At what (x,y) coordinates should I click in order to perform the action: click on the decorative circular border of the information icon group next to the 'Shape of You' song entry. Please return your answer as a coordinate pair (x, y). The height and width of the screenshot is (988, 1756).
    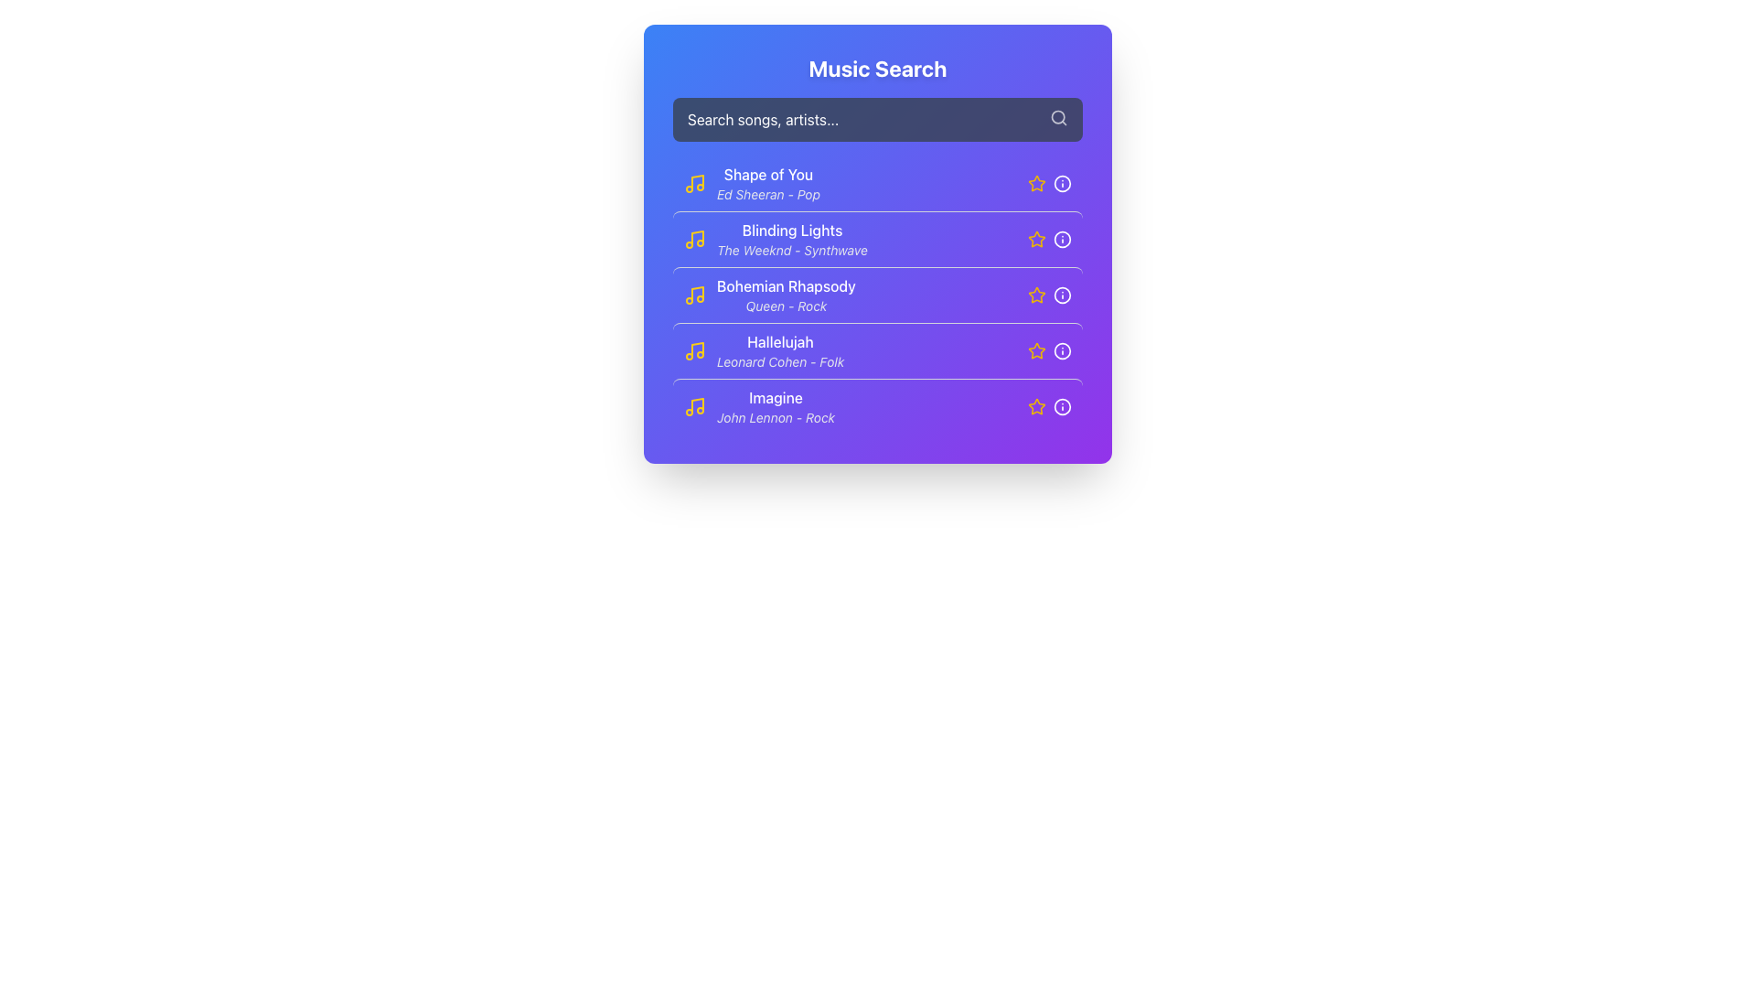
    Looking at the image, I should click on (1062, 183).